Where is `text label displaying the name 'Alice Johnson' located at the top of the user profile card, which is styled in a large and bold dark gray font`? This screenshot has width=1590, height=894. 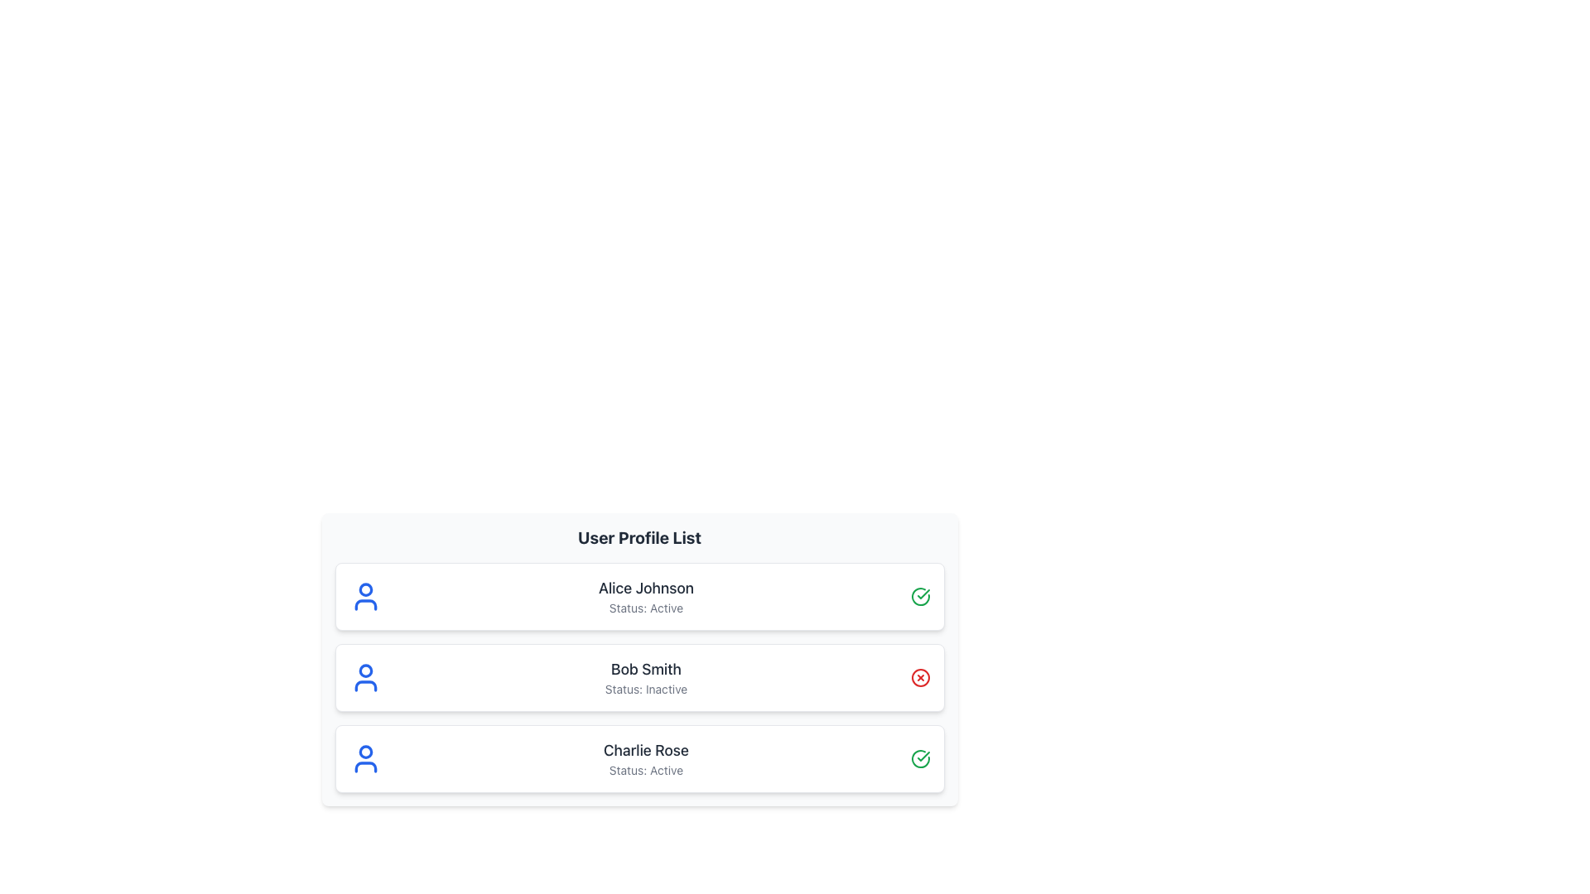
text label displaying the name 'Alice Johnson' located at the top of the user profile card, which is styled in a large and bold dark gray font is located at coordinates (645, 587).